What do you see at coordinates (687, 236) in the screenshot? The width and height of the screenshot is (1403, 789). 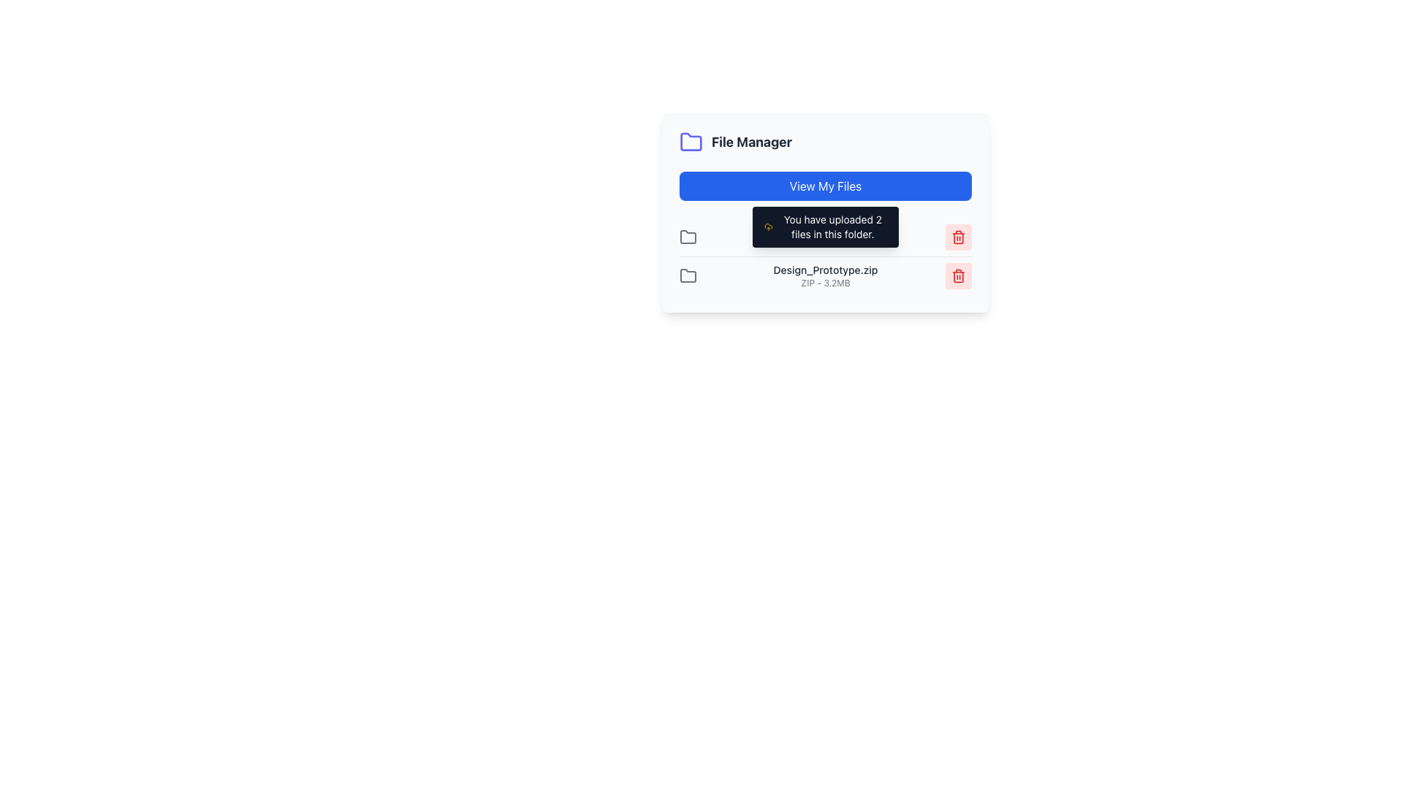 I see `the folder icon element located in the 'File Manager' section, which is depicted with a simplistic outline style and rounded corners, adjacent to the text 'File Manager'` at bounding box center [687, 236].